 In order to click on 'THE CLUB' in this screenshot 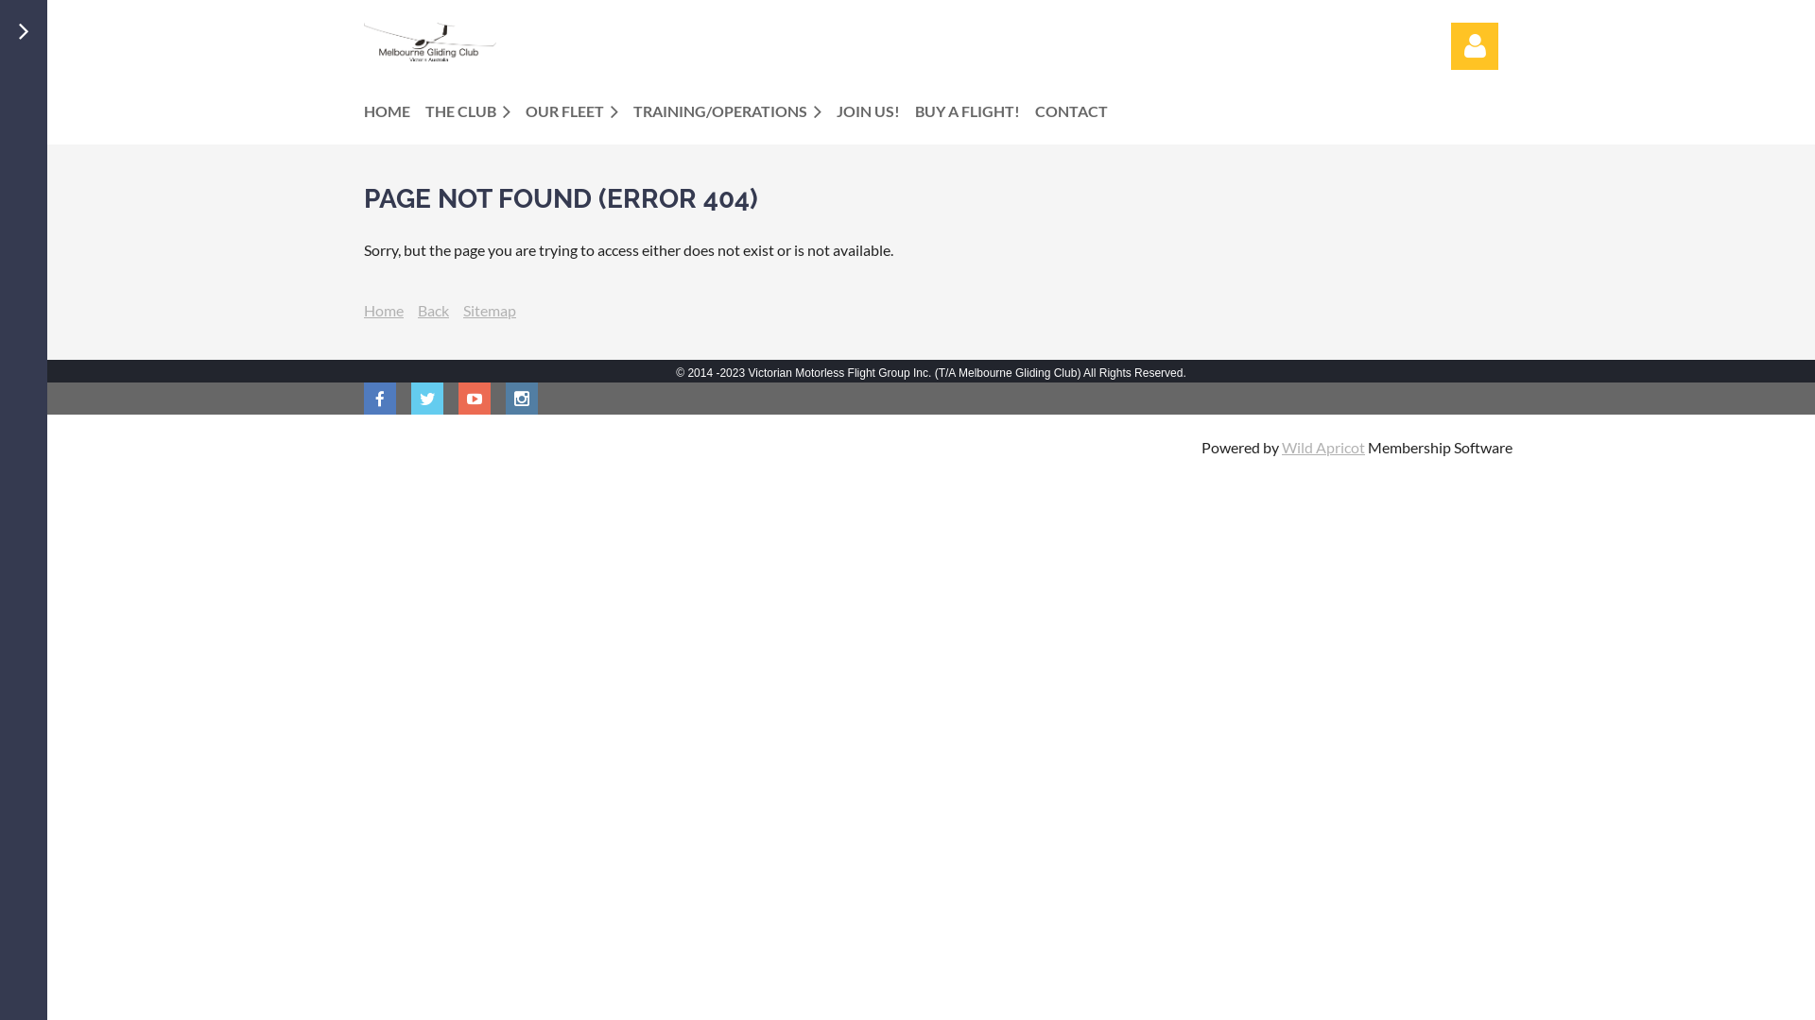, I will do `click(475, 110)`.